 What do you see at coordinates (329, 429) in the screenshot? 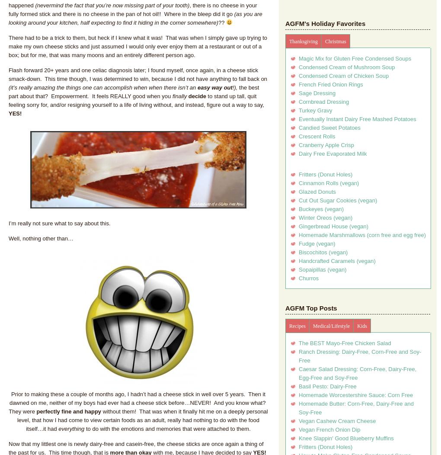
I see `'Vegan French Onion Dip'` at bounding box center [329, 429].